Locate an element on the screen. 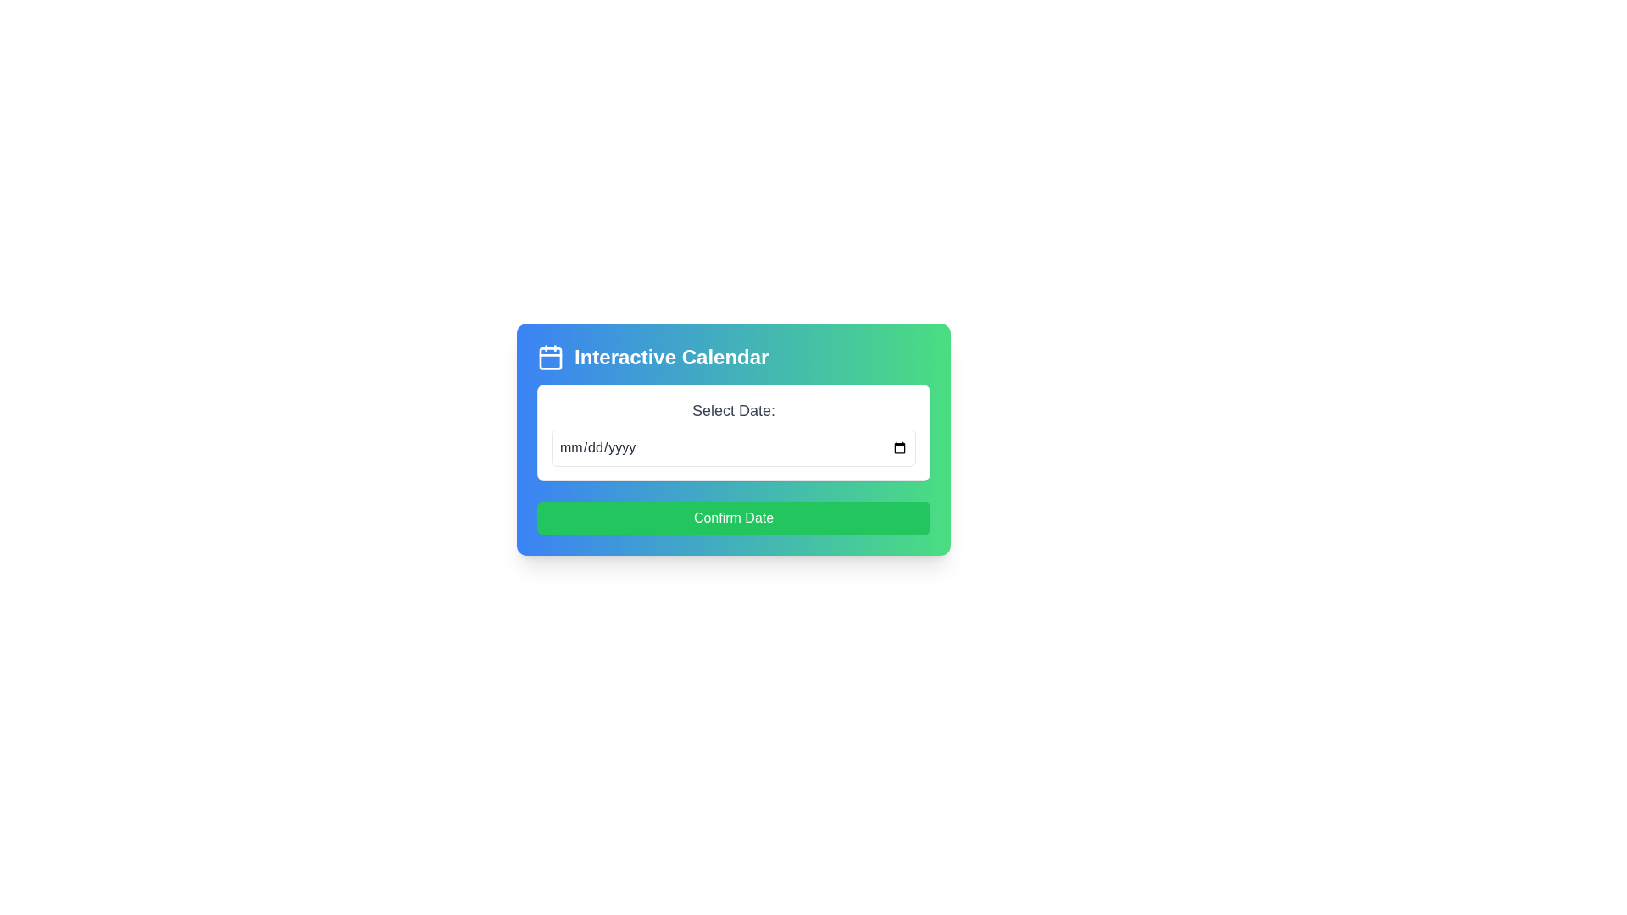 This screenshot has height=915, width=1627. the label that reads 'Select Date:' which is styled with bold text and positioned above the date input box in the form is located at coordinates (733, 411).